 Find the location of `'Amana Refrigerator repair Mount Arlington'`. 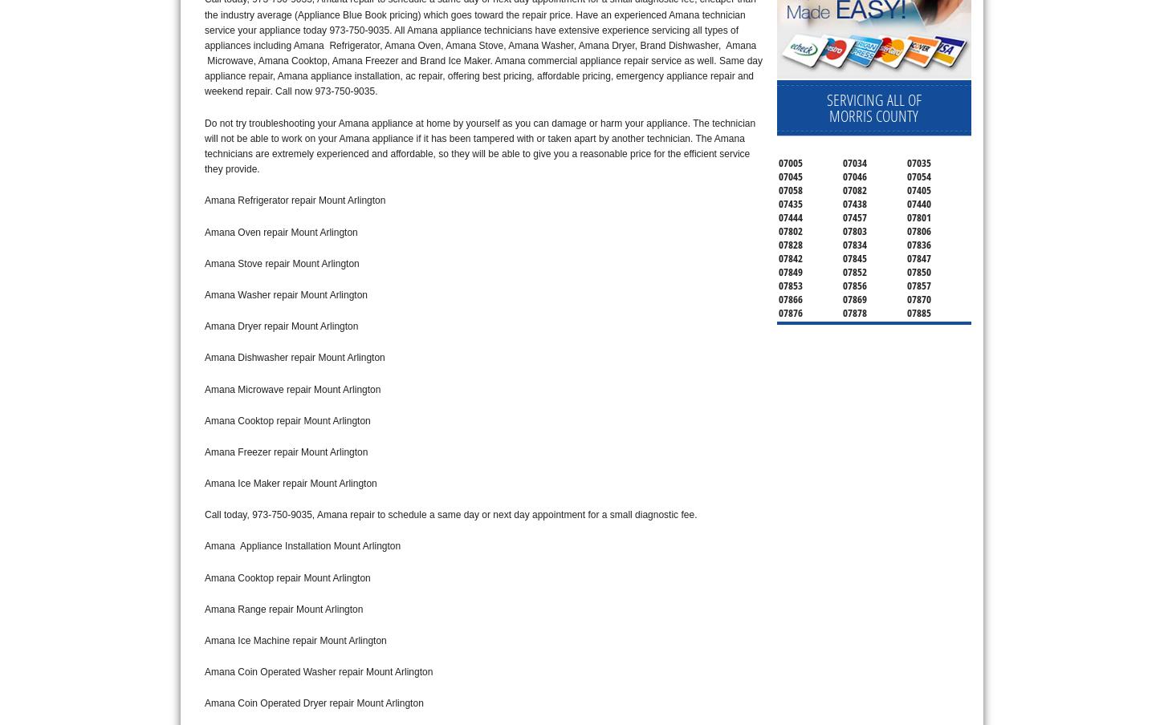

'Amana Refrigerator repair Mount Arlington' is located at coordinates (294, 199).